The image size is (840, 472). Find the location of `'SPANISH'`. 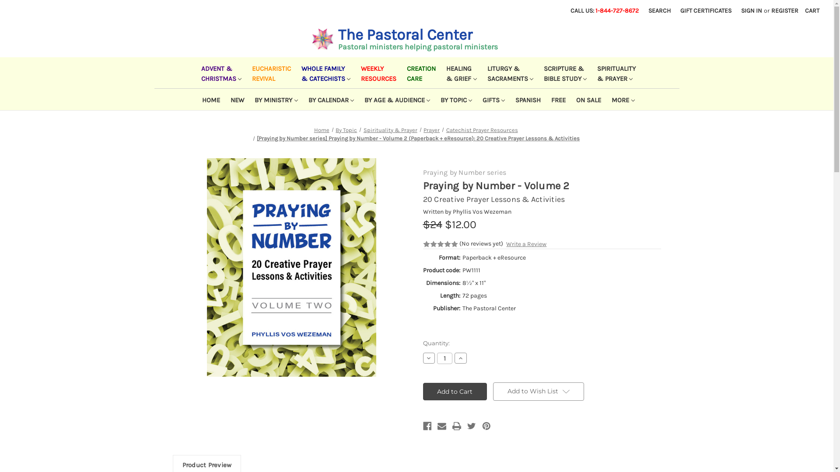

'SPANISH' is located at coordinates (526, 99).